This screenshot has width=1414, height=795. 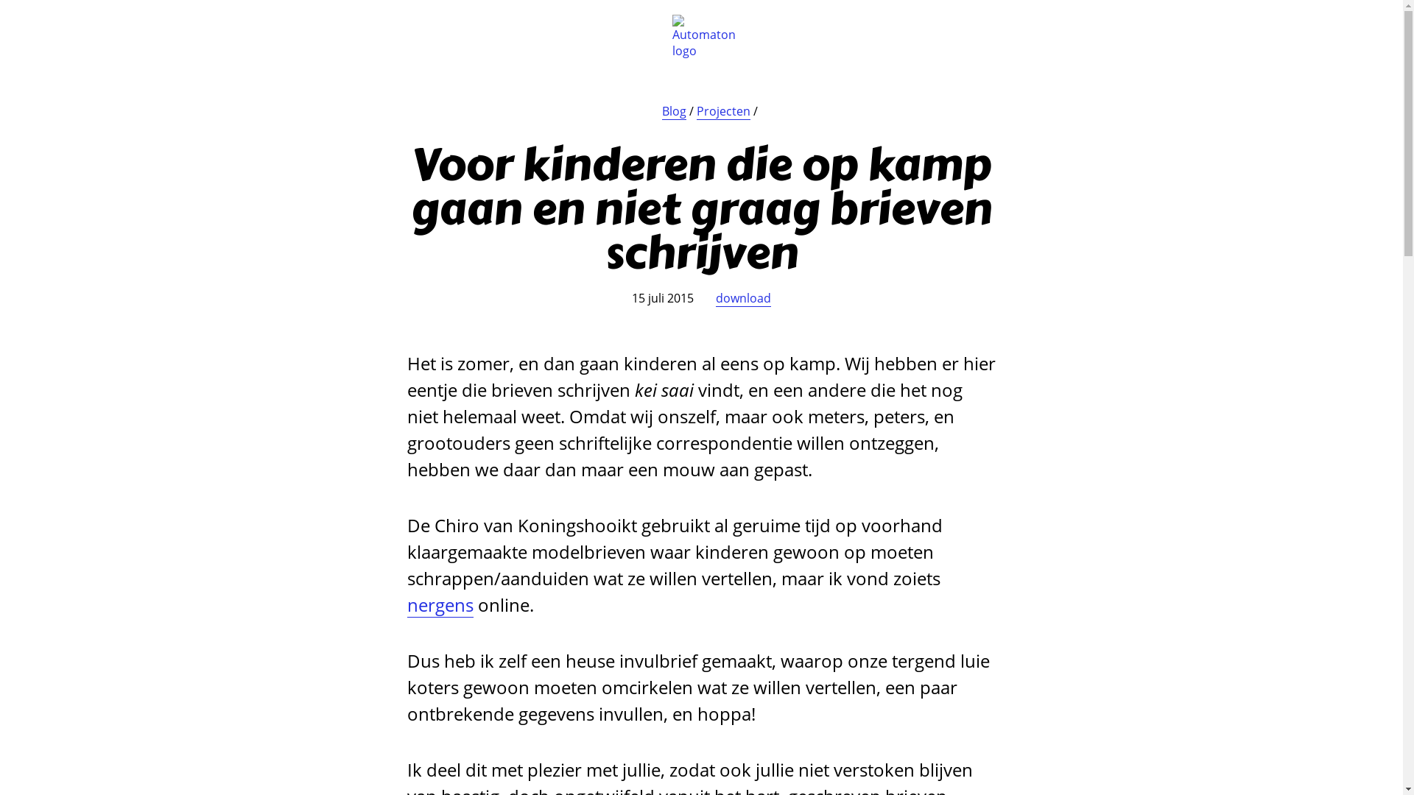 What do you see at coordinates (743, 298) in the screenshot?
I see `'download'` at bounding box center [743, 298].